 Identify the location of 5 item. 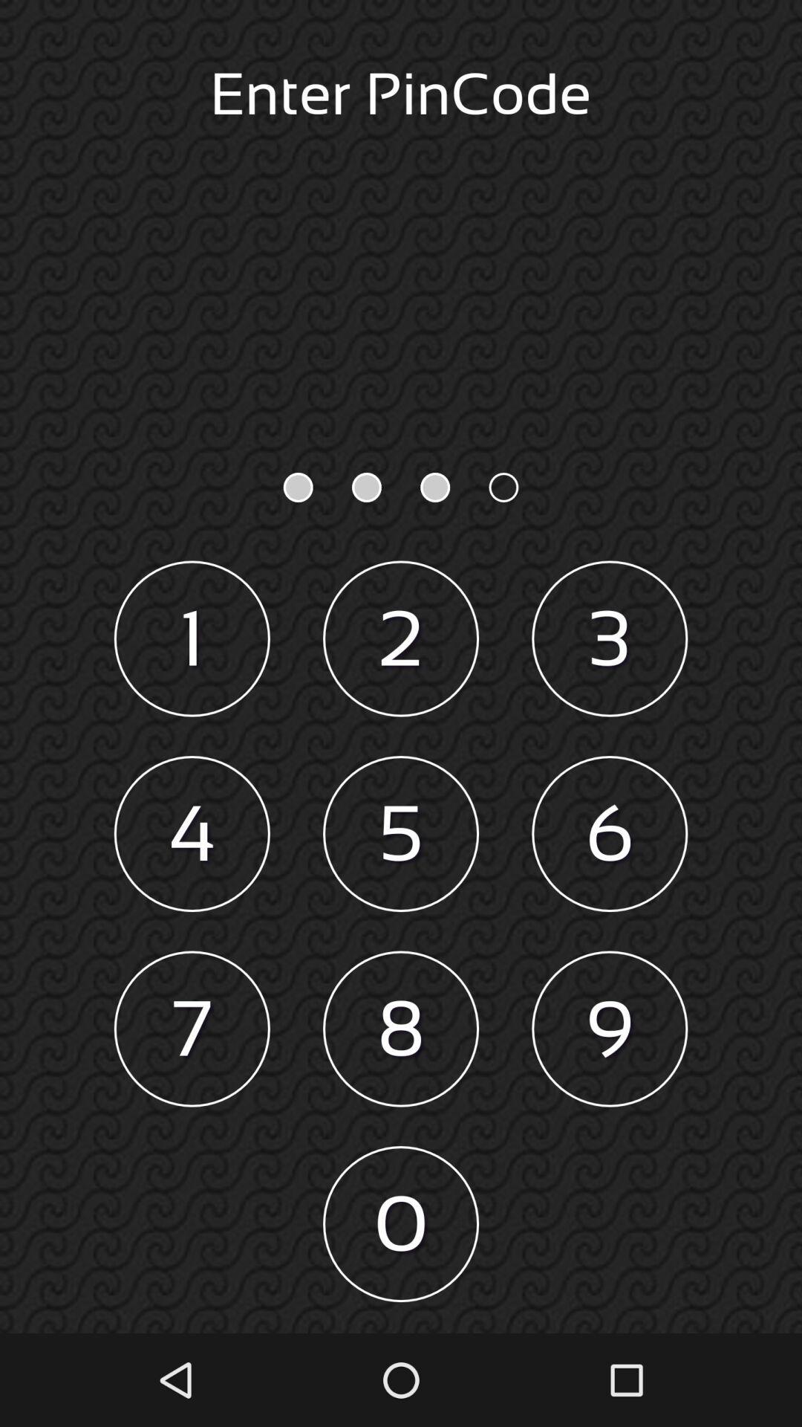
(401, 834).